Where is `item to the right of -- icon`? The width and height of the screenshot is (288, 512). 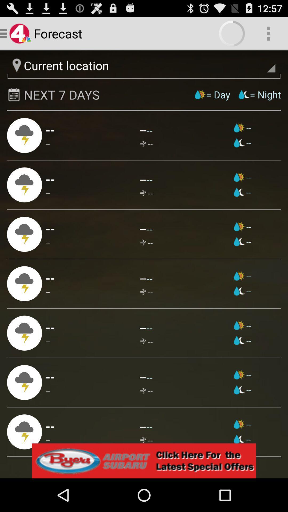
item to the right of -- icon is located at coordinates (146, 144).